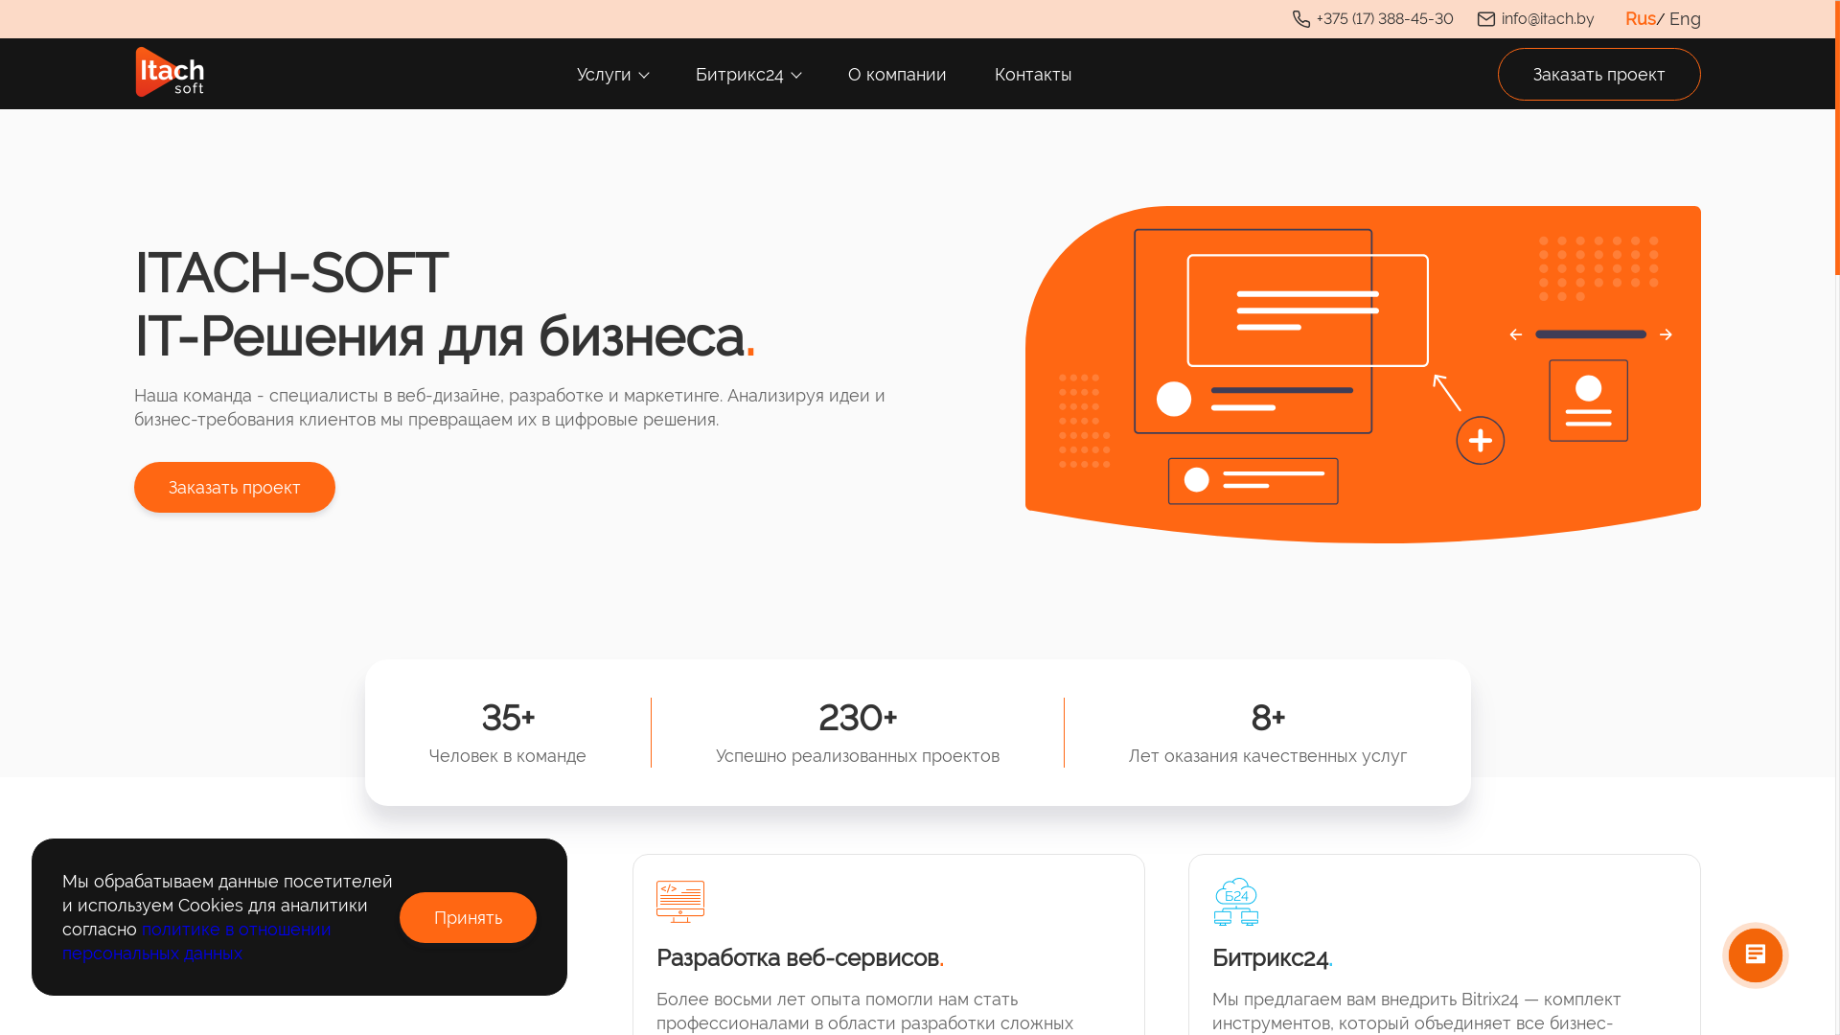 The image size is (1840, 1035). I want to click on 'Rus', so click(1640, 18).